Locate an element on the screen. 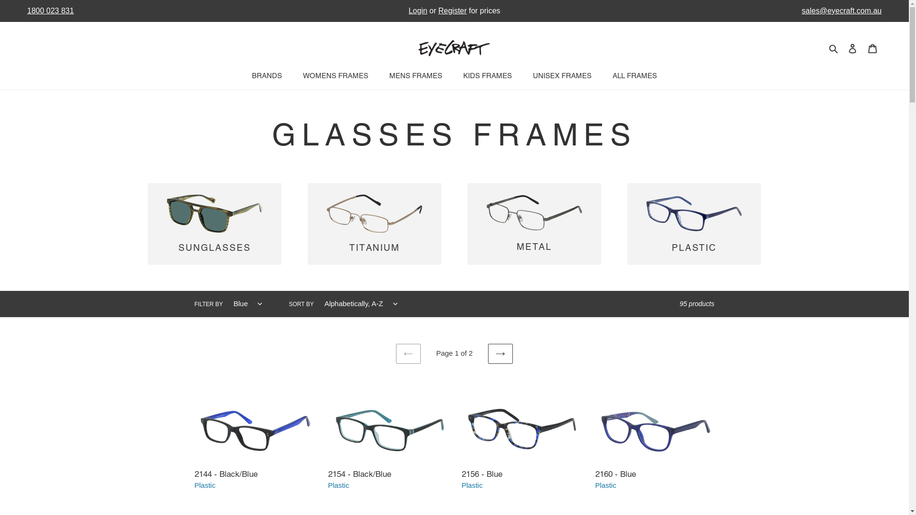  'PREVIOUS PAGE' is located at coordinates (396, 353).